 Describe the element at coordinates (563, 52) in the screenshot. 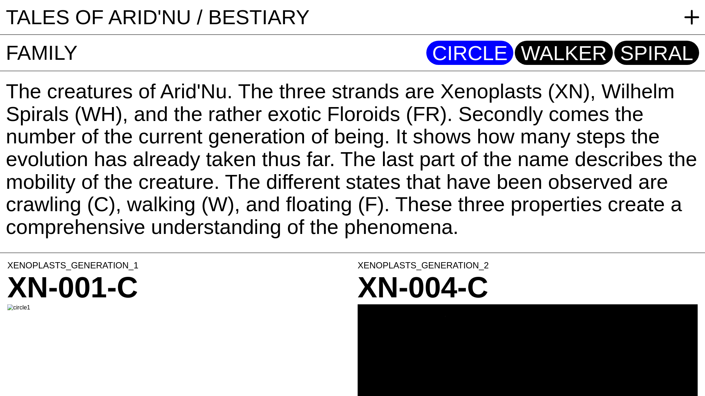

I see `'WALKER'` at that location.